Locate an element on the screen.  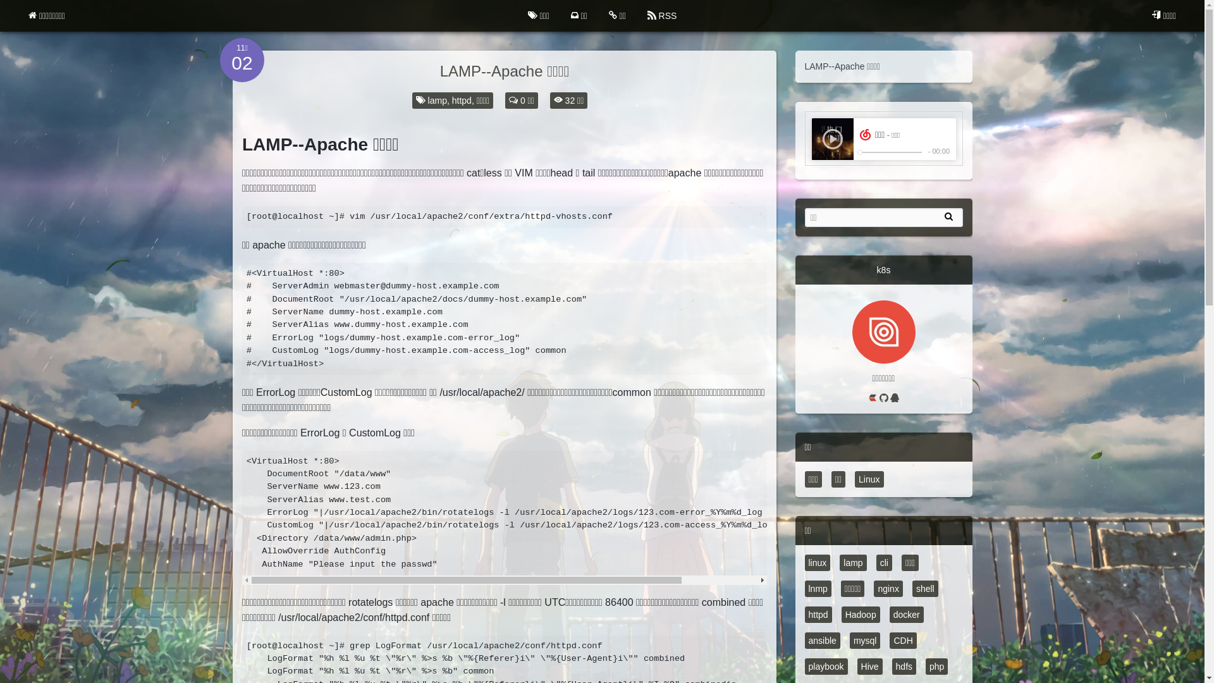
'httpd' is located at coordinates (460, 99).